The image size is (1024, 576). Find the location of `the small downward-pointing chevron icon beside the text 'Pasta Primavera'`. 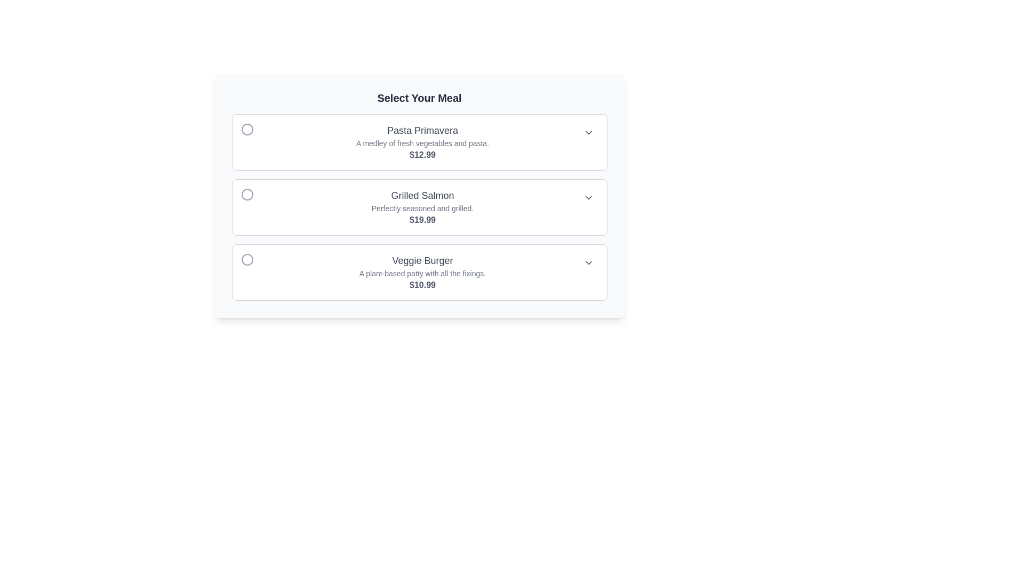

the small downward-pointing chevron icon beside the text 'Pasta Primavera' is located at coordinates (588, 132).